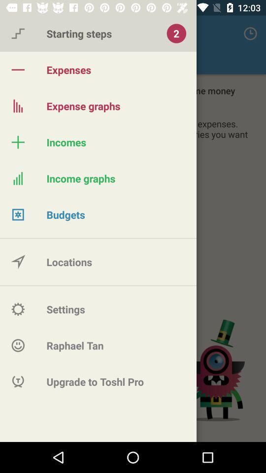 The width and height of the screenshot is (266, 473). What do you see at coordinates (250, 34) in the screenshot?
I see `the clock icon on the top right corner of the page` at bounding box center [250, 34].